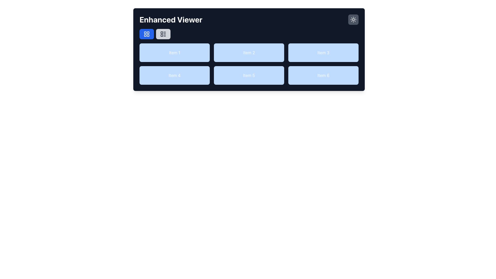 The height and width of the screenshot is (279, 496). What do you see at coordinates (249, 50) in the screenshot?
I see `the second card in the grid that displays 'Item 2', located between 'Item 1' and 'Item 3'` at bounding box center [249, 50].